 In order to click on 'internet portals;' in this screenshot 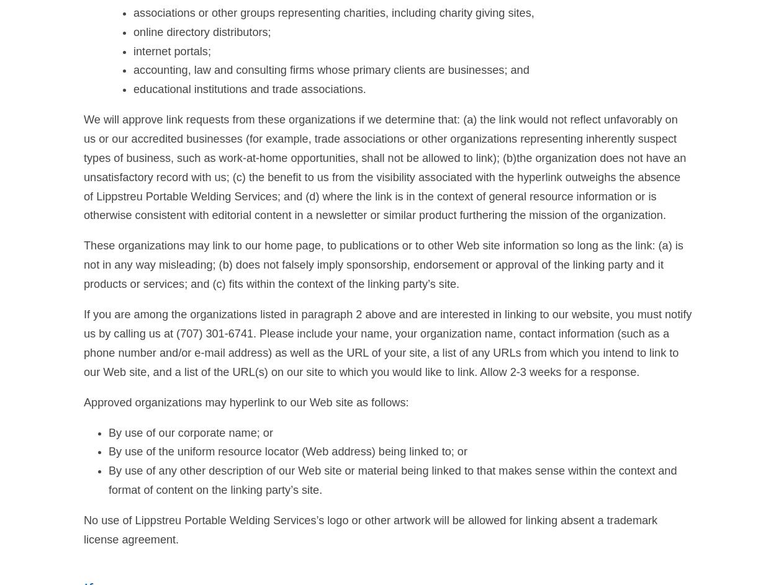, I will do `click(172, 50)`.